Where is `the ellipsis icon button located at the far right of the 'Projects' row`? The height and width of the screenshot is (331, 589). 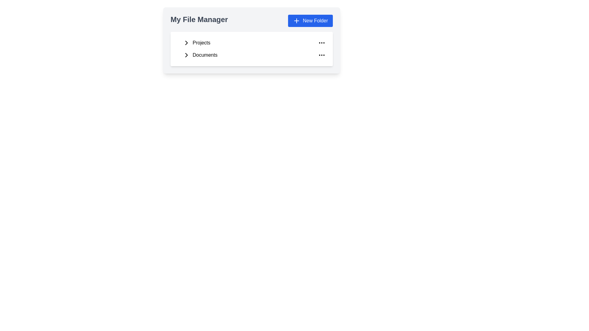 the ellipsis icon button located at the far right of the 'Projects' row is located at coordinates (321, 42).